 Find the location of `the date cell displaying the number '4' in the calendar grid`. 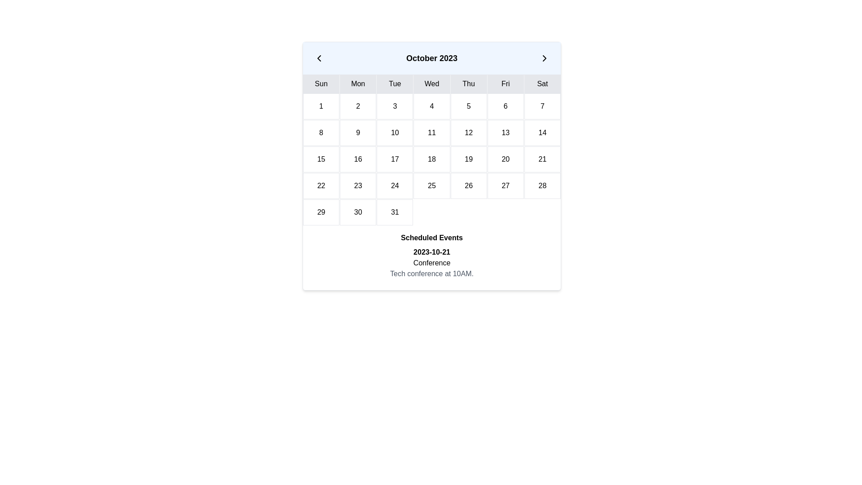

the date cell displaying the number '4' in the calendar grid is located at coordinates (431, 106).